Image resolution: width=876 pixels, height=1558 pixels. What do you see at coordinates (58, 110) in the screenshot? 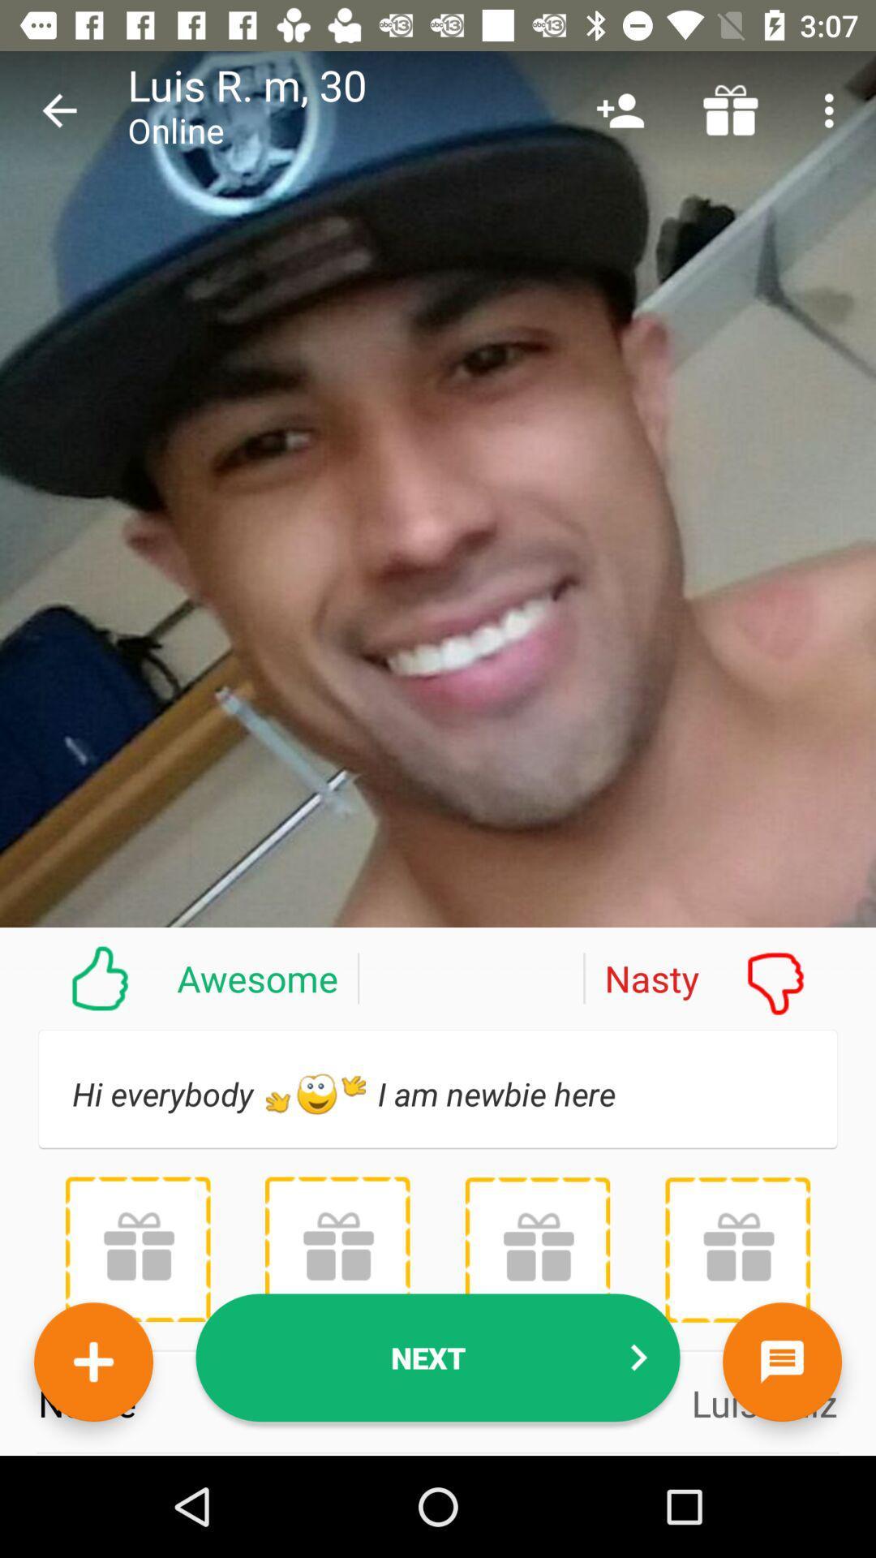
I see `the item to the left of luis r. item` at bounding box center [58, 110].